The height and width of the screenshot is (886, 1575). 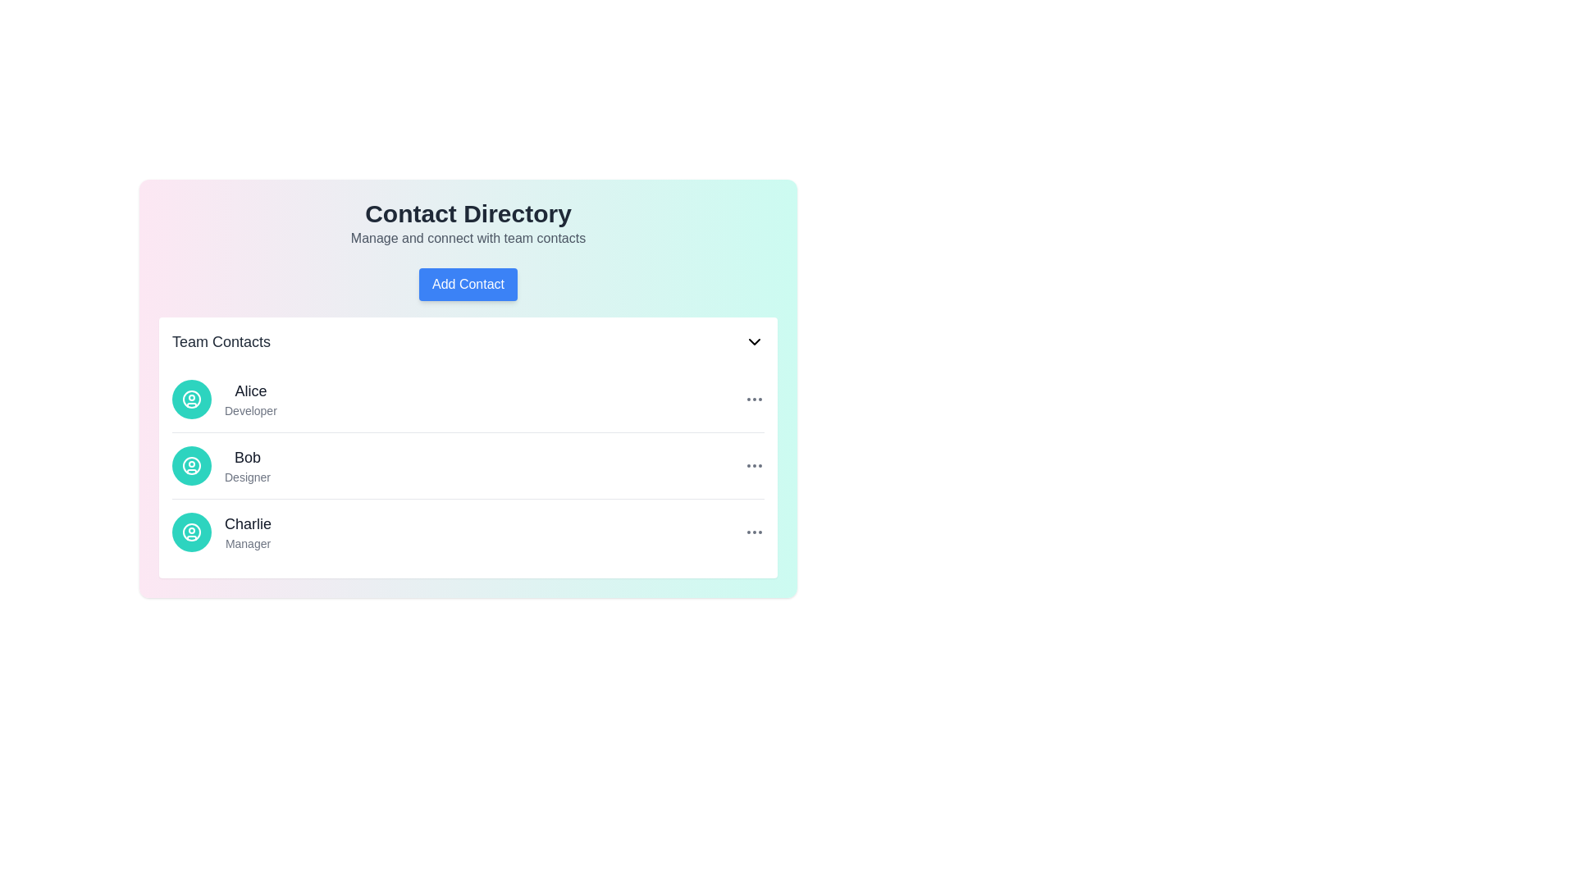 I want to click on the outermost circle of the user icon for 'Alice - Developer' located in the topmost contact entry under the 'Team Contacts' section, so click(x=192, y=399).